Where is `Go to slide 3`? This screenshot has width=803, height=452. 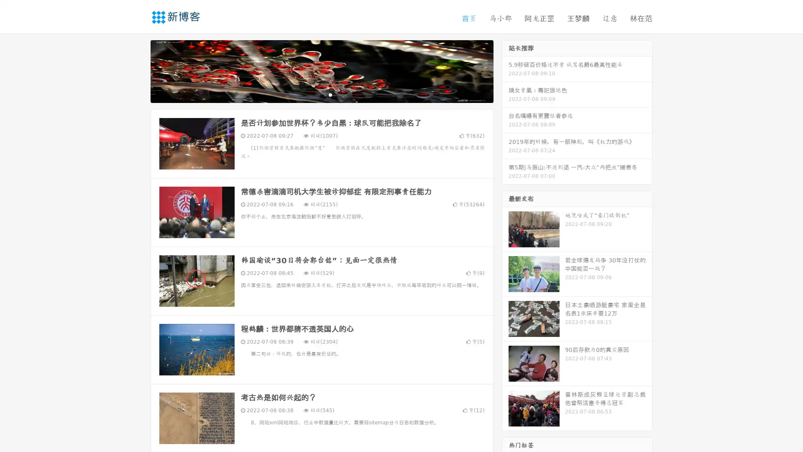
Go to slide 3 is located at coordinates (330, 94).